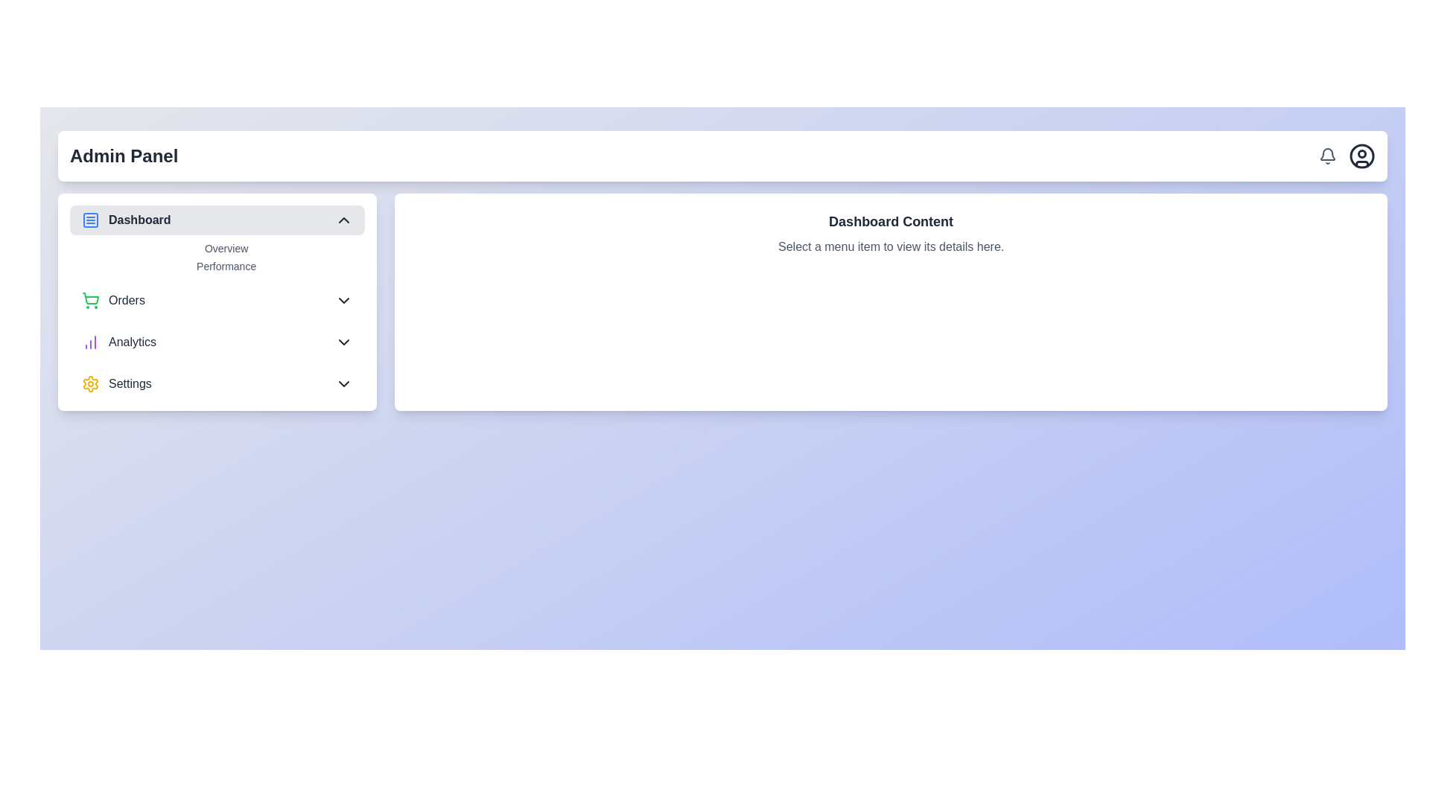  What do you see at coordinates (891, 246) in the screenshot?
I see `the text label that instructs 'Select a menu item` at bounding box center [891, 246].